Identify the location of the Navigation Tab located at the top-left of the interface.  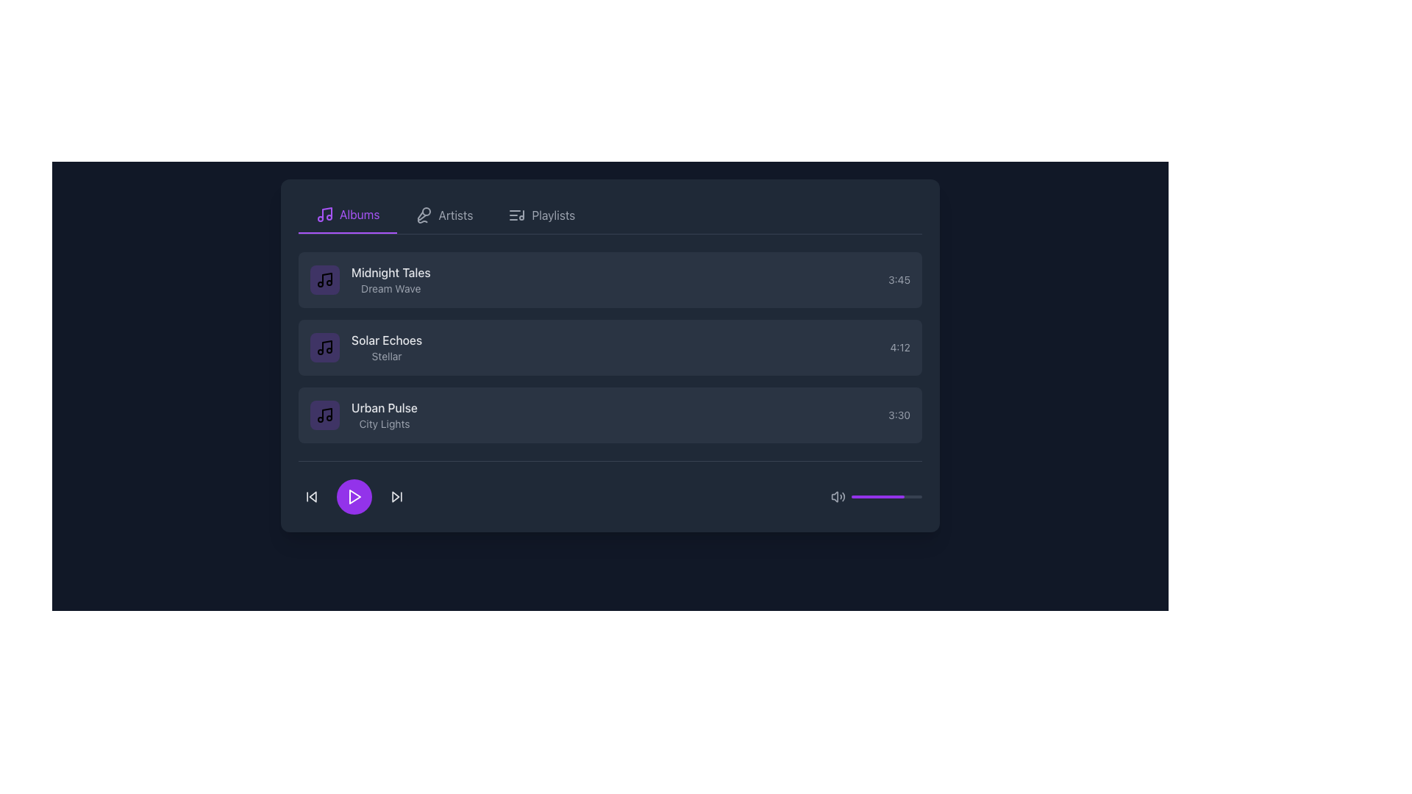
(347, 215).